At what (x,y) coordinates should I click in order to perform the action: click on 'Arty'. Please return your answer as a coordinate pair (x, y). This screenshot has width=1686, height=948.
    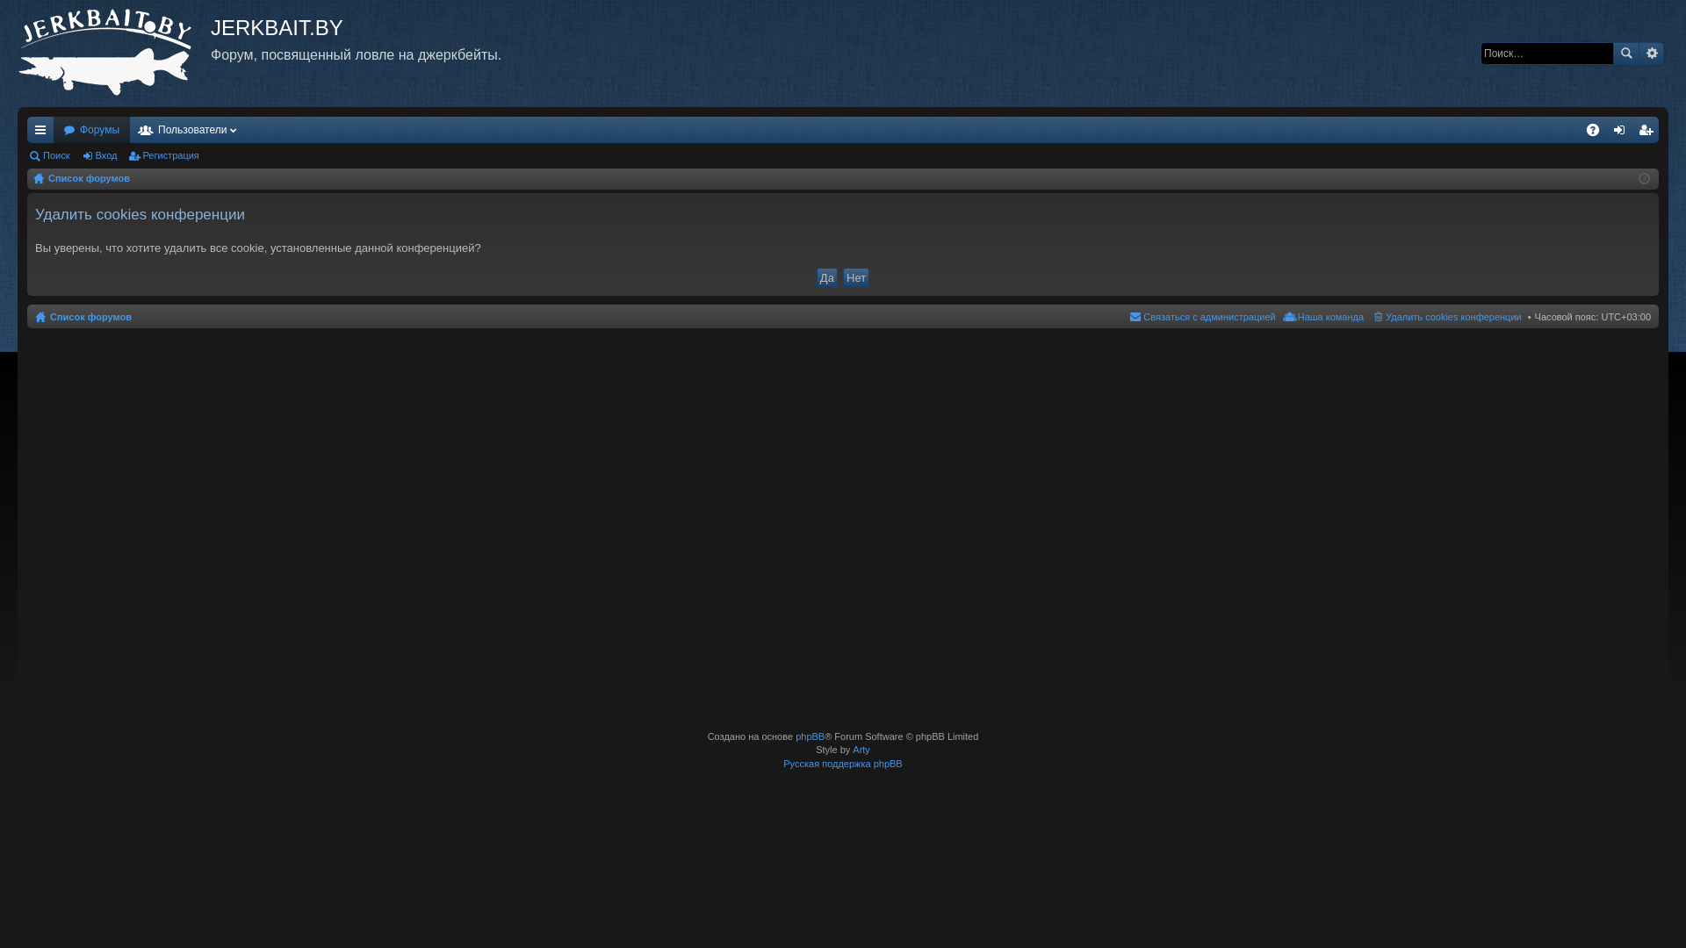
    Looking at the image, I should click on (861, 749).